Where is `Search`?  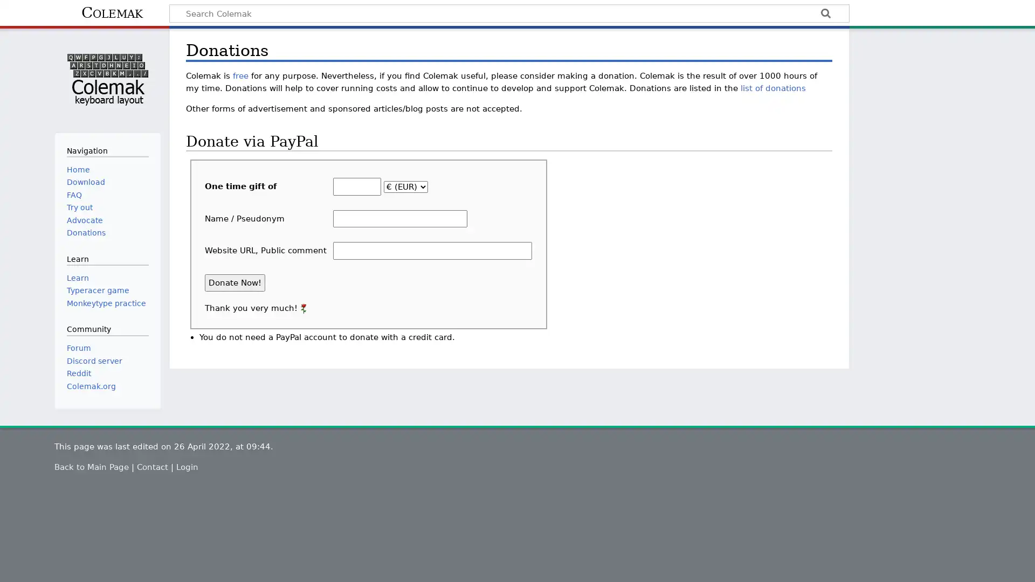 Search is located at coordinates (825, 15).